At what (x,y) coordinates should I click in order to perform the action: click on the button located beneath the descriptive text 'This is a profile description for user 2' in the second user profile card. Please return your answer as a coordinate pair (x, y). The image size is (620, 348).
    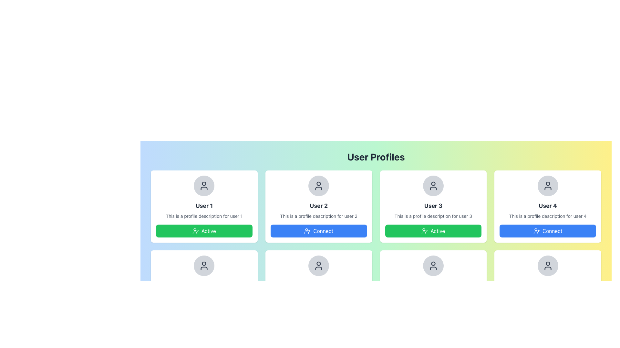
    Looking at the image, I should click on (319, 231).